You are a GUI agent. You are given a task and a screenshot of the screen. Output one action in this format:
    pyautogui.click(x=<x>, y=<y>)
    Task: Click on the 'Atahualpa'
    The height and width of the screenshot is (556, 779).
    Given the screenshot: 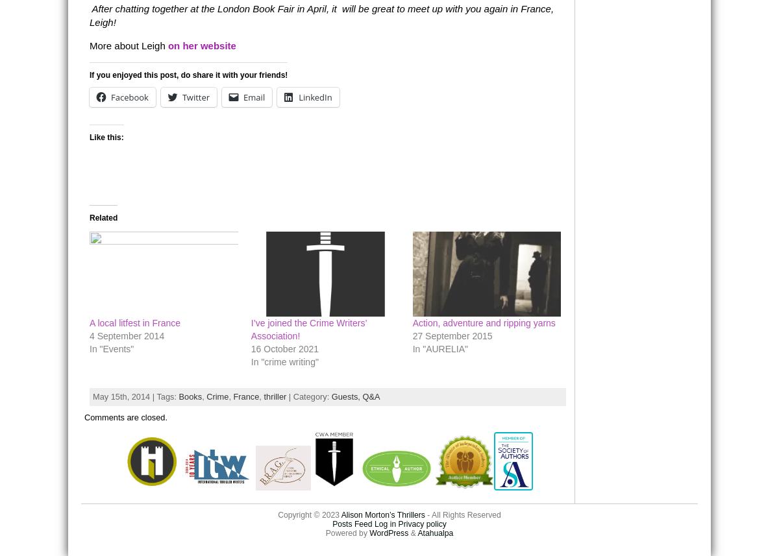 What is the action you would take?
    pyautogui.click(x=417, y=532)
    